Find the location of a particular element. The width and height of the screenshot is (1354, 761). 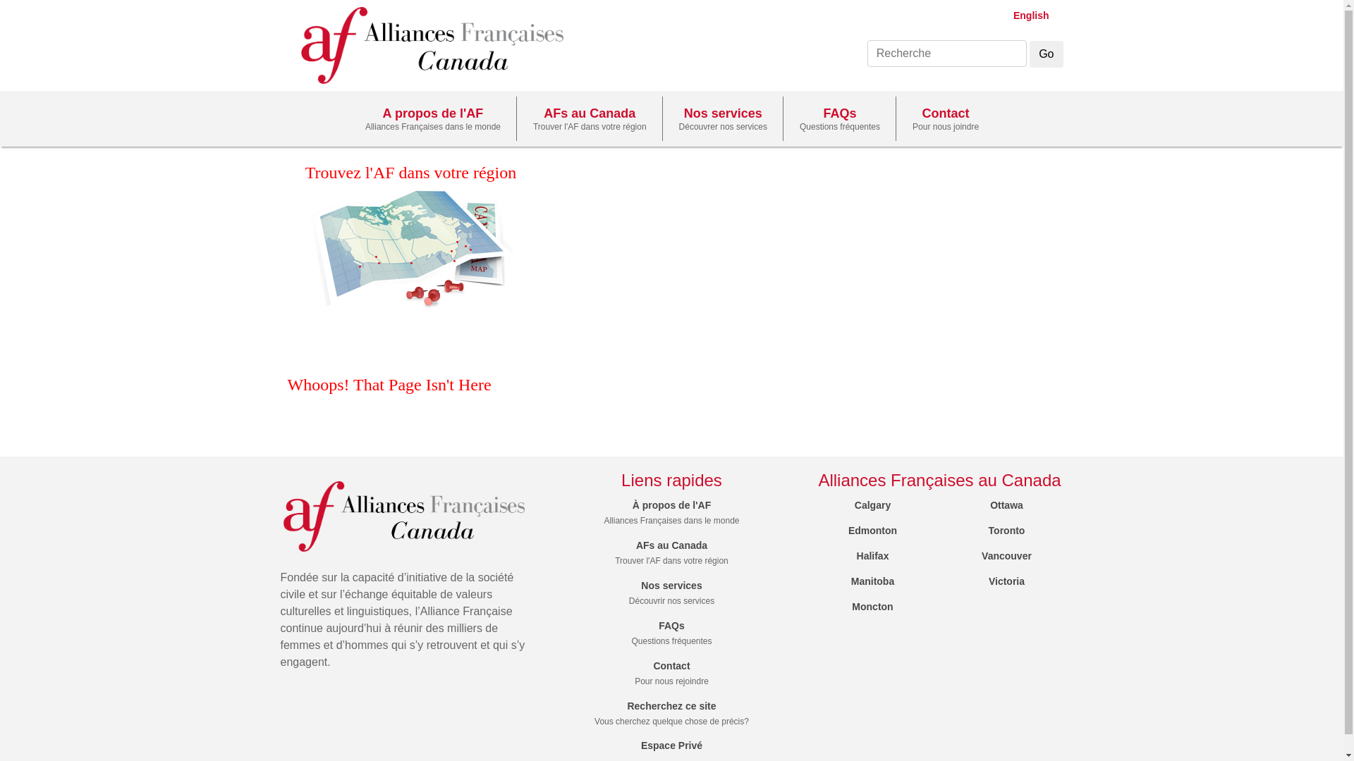

'Vancouver' is located at coordinates (1006, 555).